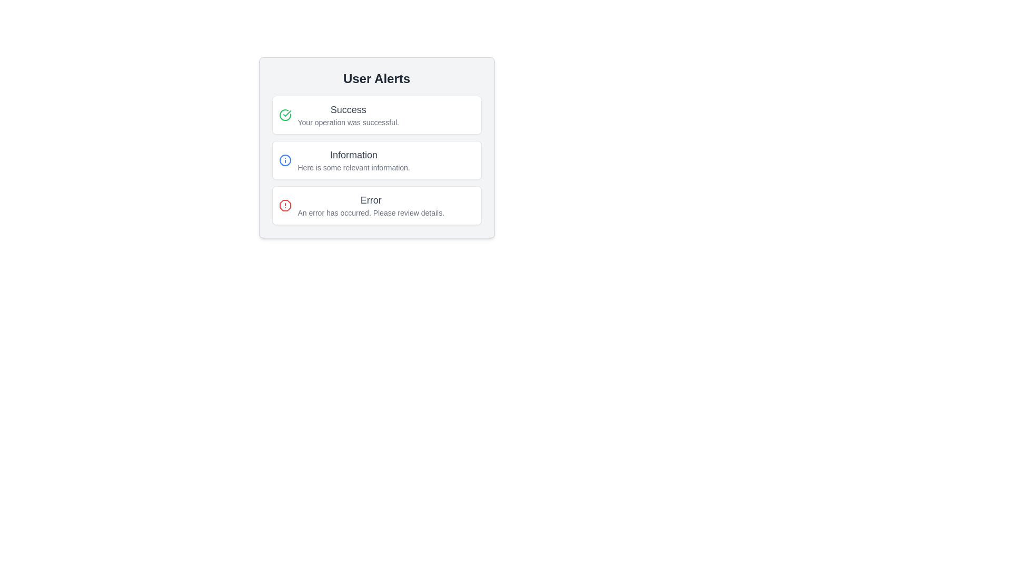 The width and height of the screenshot is (1011, 568). What do you see at coordinates (354, 167) in the screenshot?
I see `descriptive text located beneath the 'Information' title in the 'User Alerts' panel` at bounding box center [354, 167].